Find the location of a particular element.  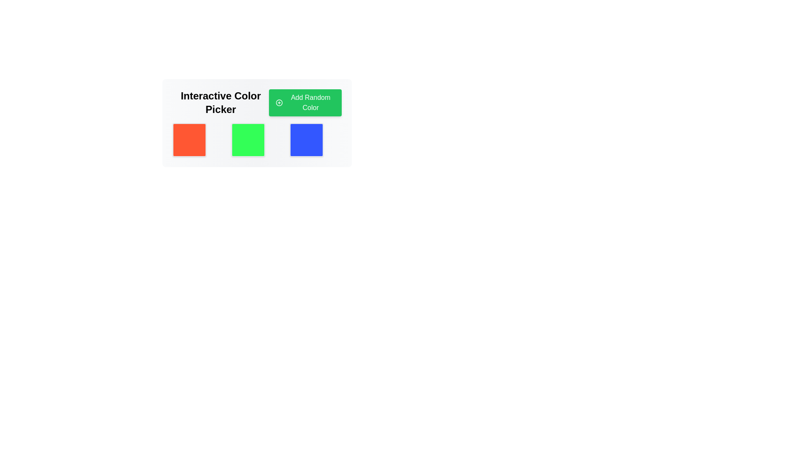

the green color swatch, which is the second square in a row of three, located centrally below the 'Interactive Color Picker' heading and the 'Add Random Color' button is located at coordinates (257, 123).